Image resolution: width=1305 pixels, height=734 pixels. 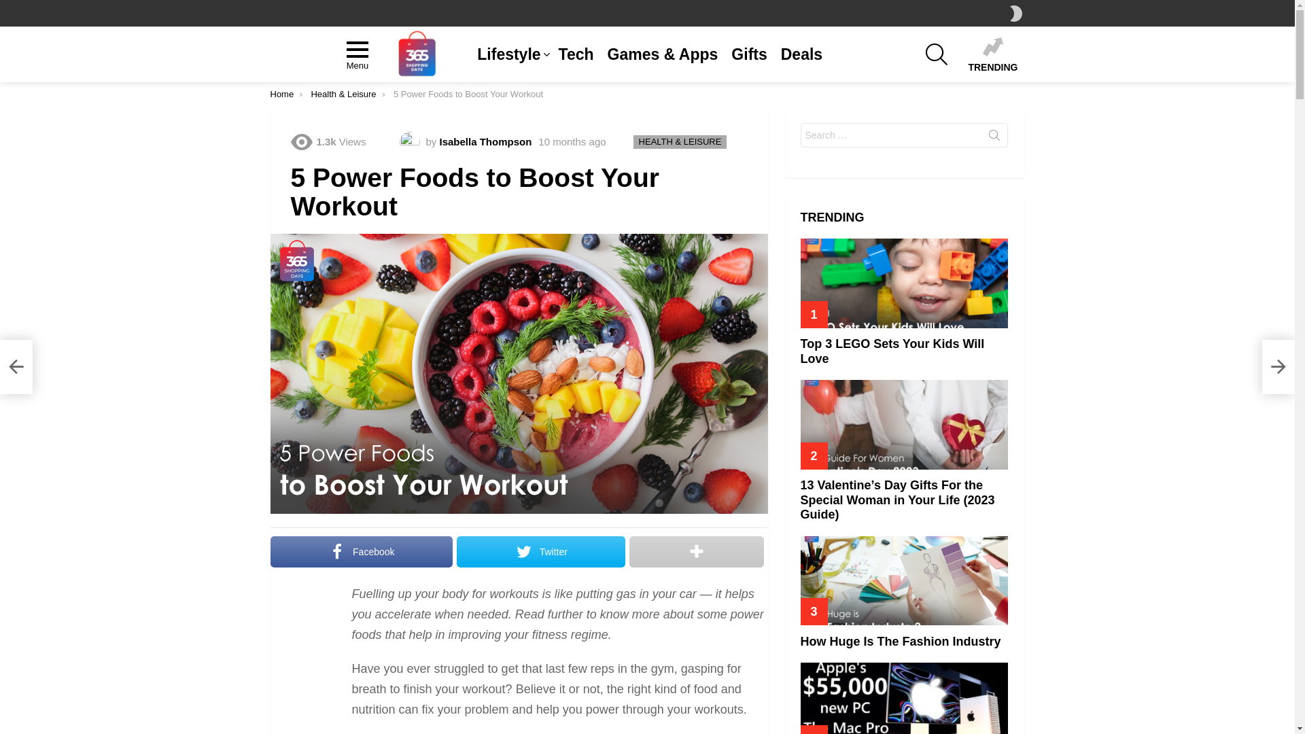 What do you see at coordinates (992, 54) in the screenshot?
I see `'TRENDING'` at bounding box center [992, 54].